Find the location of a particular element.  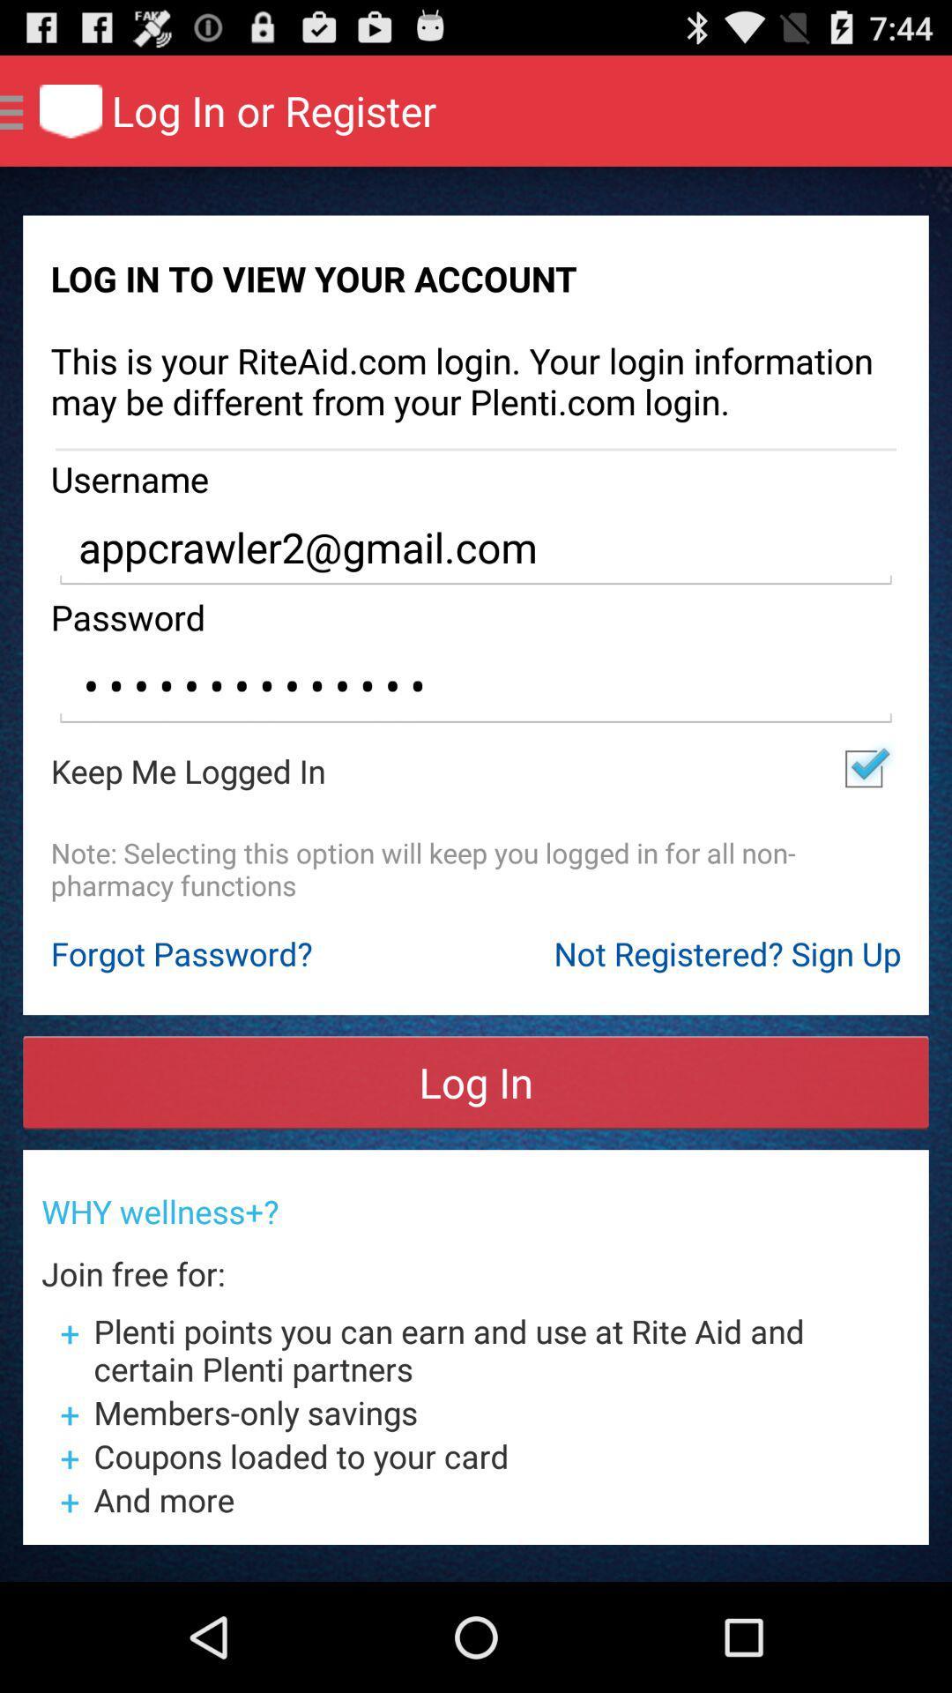

the appcrawler3116 item is located at coordinates (476, 685).